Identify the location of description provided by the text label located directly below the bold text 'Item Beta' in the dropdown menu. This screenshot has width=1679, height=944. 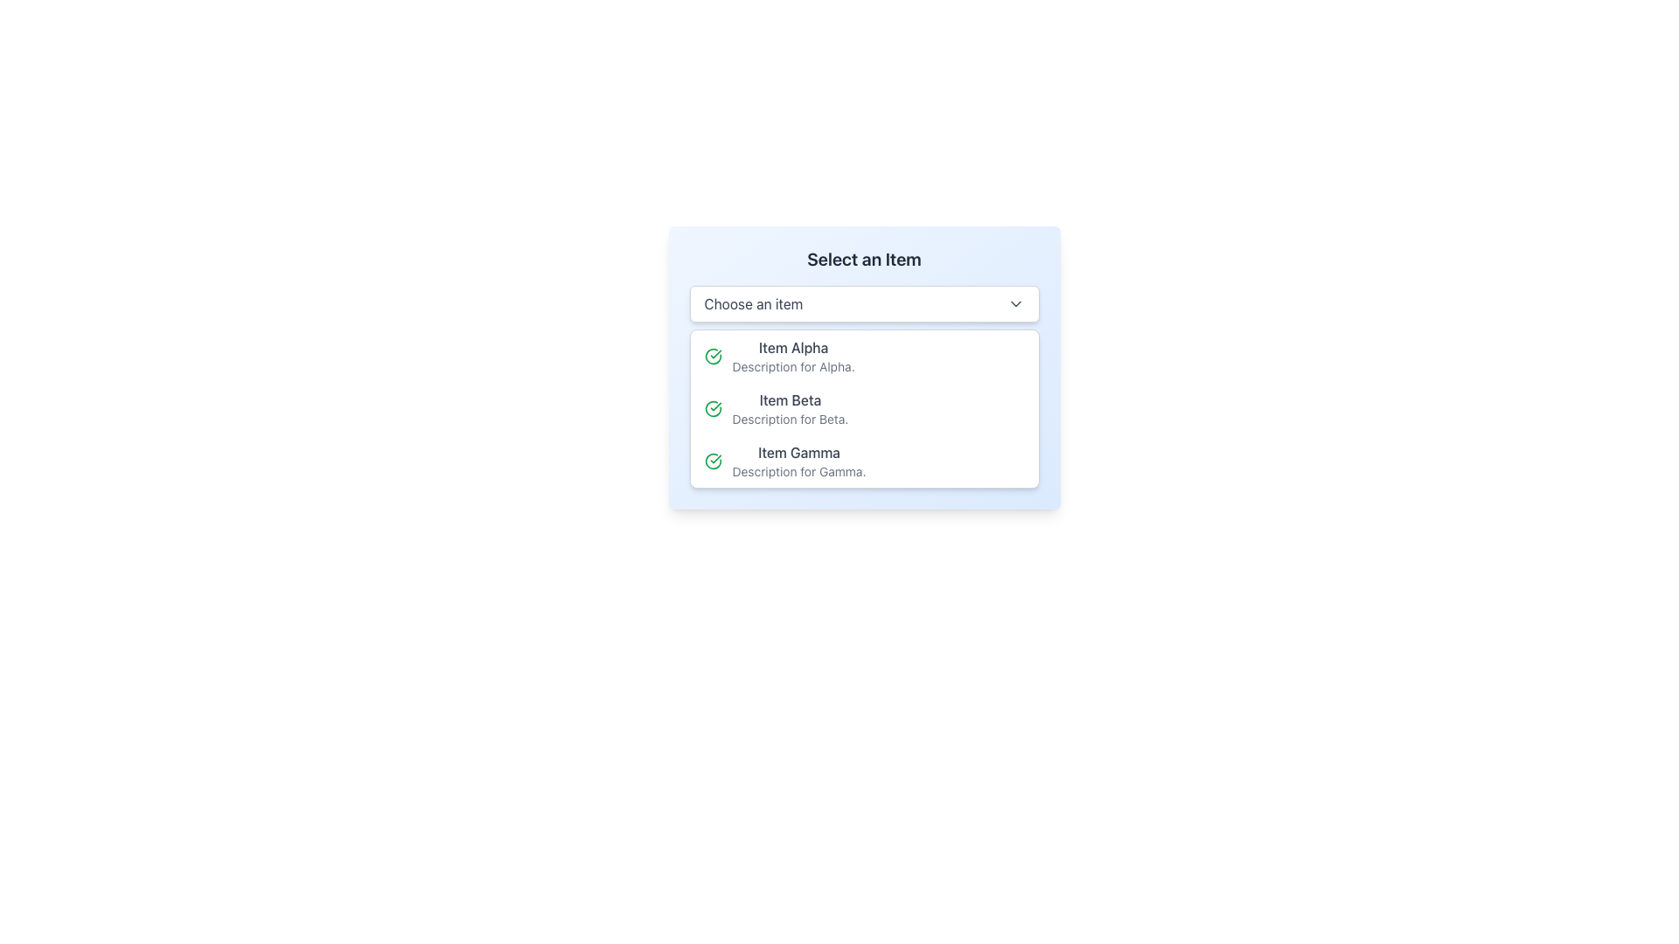
(789, 419).